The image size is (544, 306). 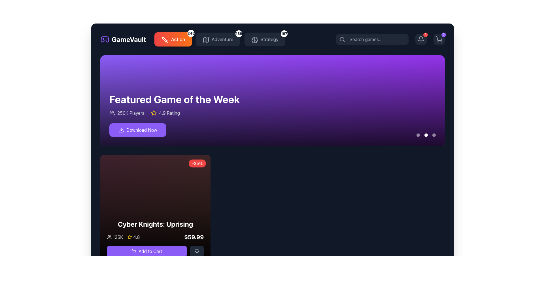 What do you see at coordinates (174, 113) in the screenshot?
I see `information presented in the composite data display component showing '250K Players' and '4.9 Rating' located below the title in the 'Featured Game of the Week' box` at bounding box center [174, 113].